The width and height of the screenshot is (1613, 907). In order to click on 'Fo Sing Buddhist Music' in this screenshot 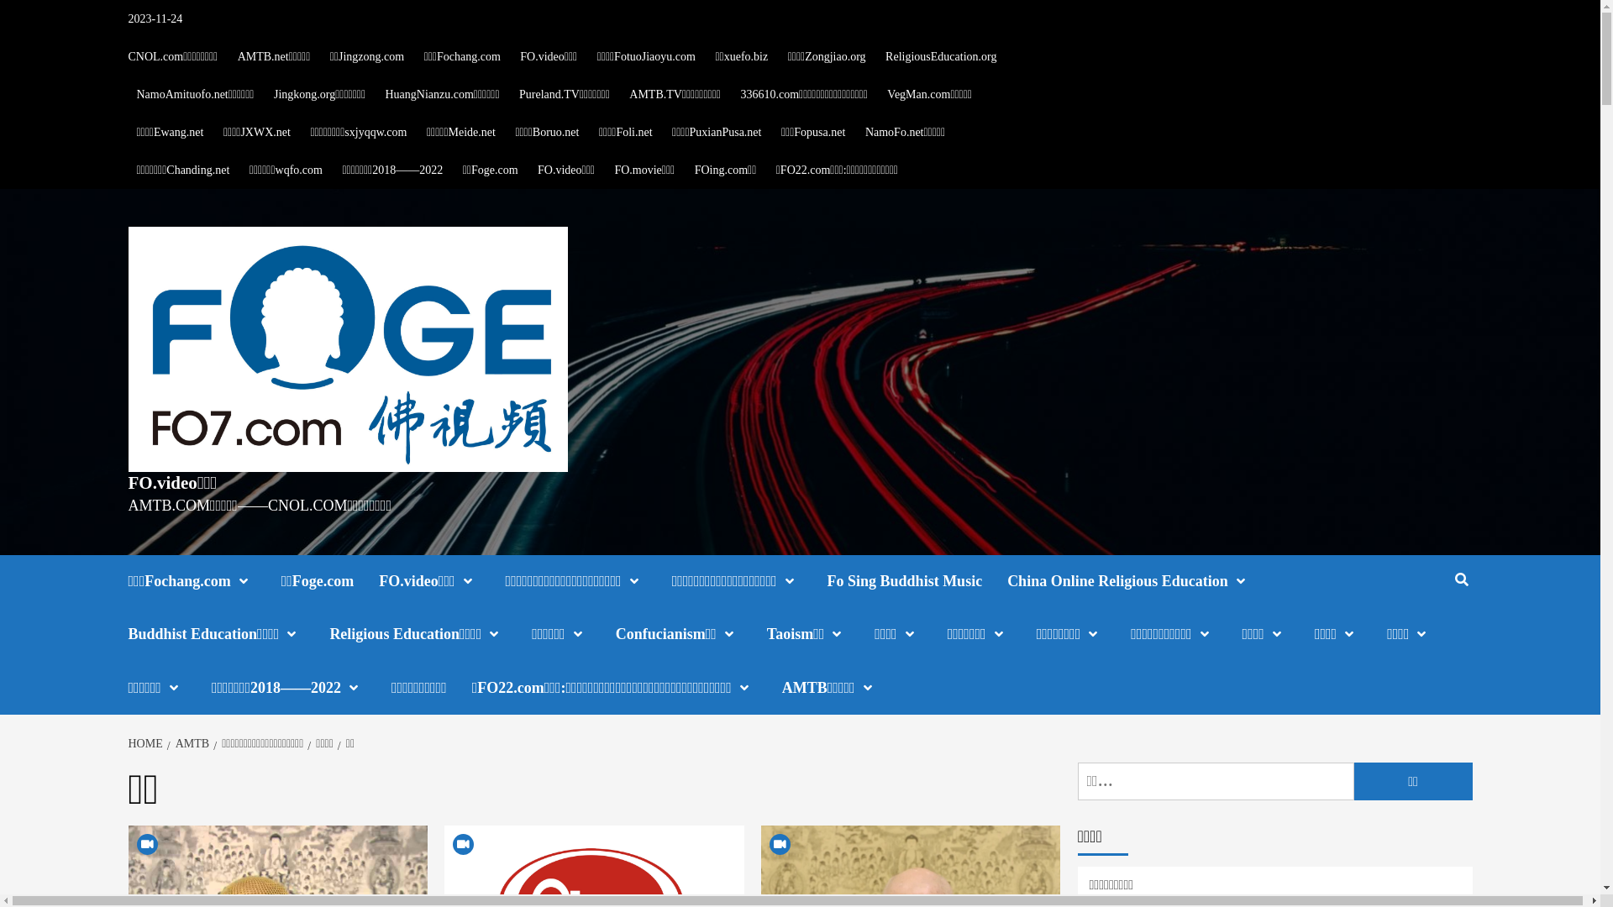, I will do `click(827, 580)`.